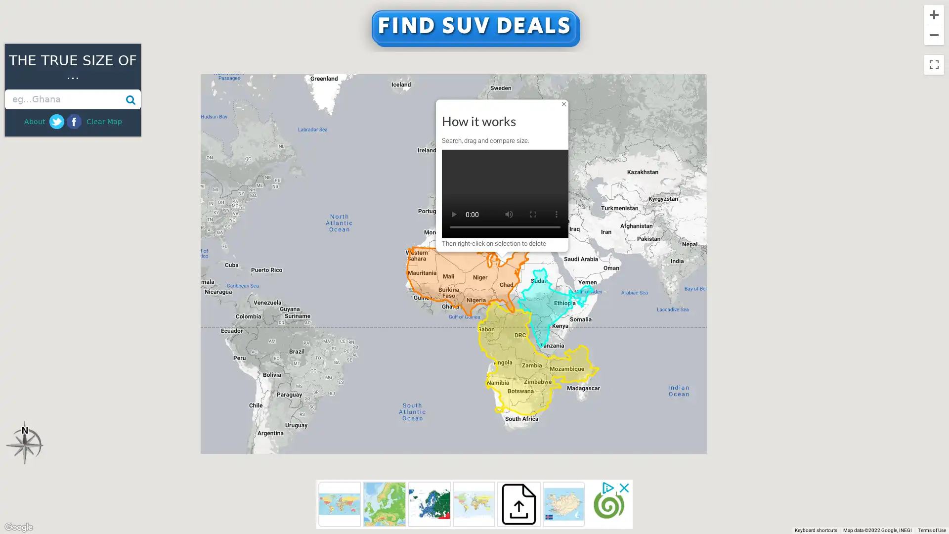  Describe the element at coordinates (934, 15) in the screenshot. I see `Zoom in` at that location.